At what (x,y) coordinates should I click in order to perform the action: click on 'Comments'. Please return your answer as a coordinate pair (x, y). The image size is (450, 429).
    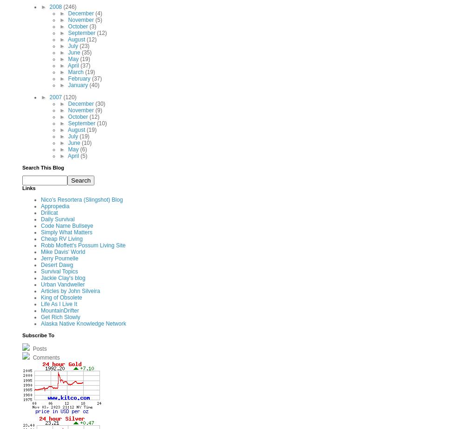
    Looking at the image, I should click on (30, 357).